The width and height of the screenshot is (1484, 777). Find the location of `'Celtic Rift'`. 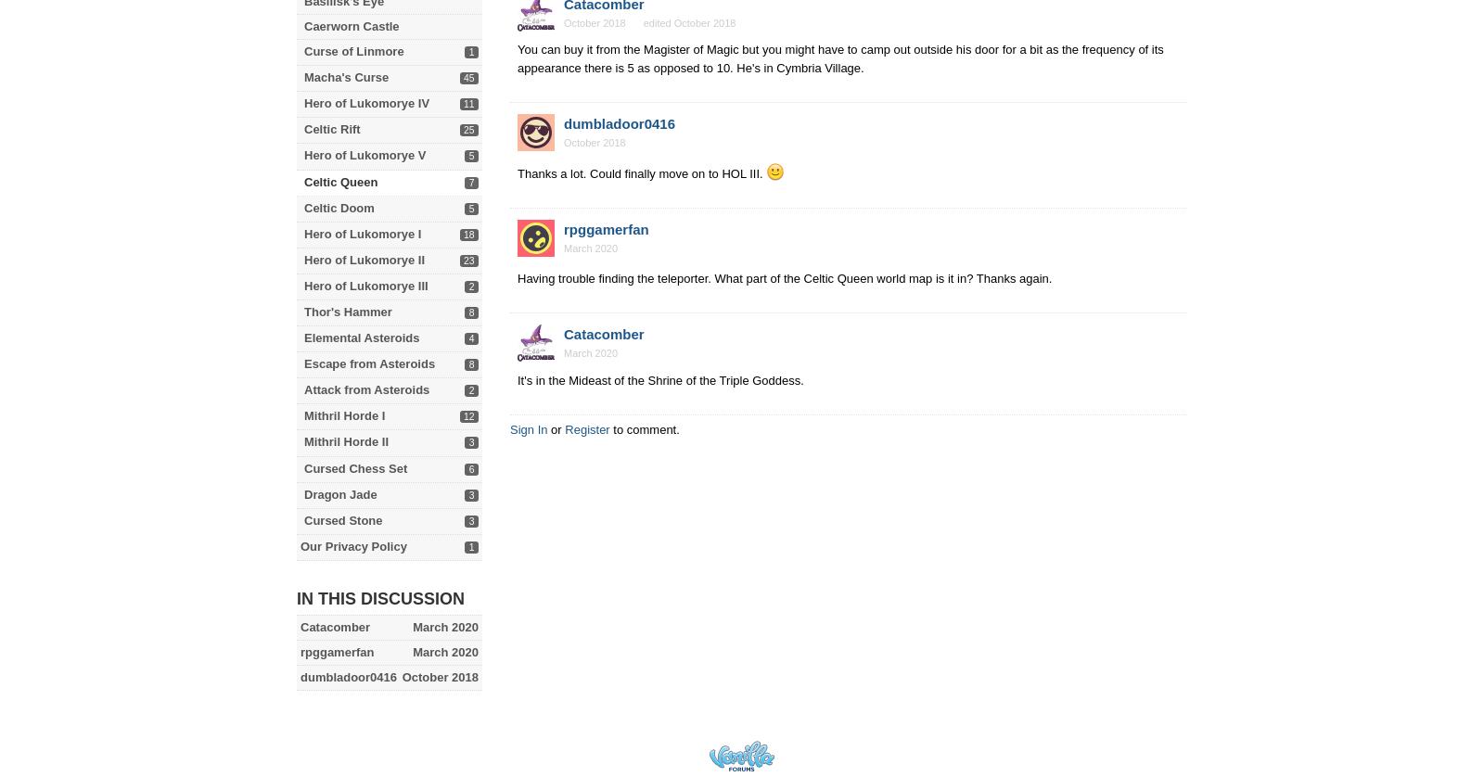

'Celtic Rift' is located at coordinates (332, 129).